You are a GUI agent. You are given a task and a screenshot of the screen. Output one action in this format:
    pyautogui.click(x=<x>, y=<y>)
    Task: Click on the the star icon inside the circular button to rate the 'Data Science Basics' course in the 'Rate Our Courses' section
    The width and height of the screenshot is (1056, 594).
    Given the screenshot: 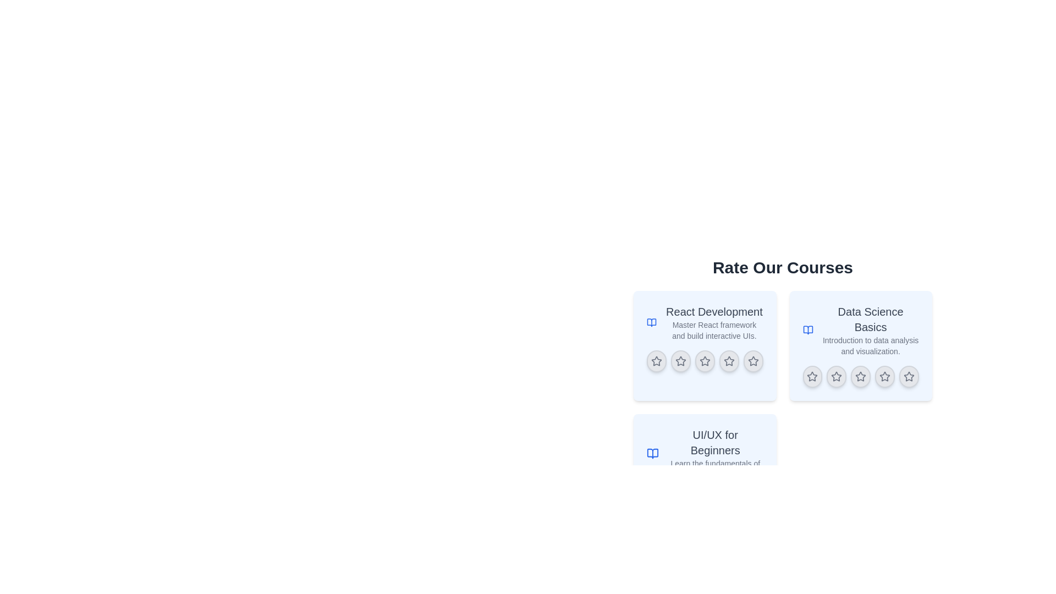 What is the action you would take?
    pyautogui.click(x=860, y=376)
    